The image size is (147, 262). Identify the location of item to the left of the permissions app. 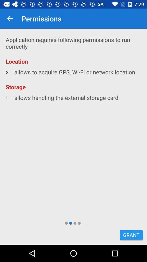
(10, 19).